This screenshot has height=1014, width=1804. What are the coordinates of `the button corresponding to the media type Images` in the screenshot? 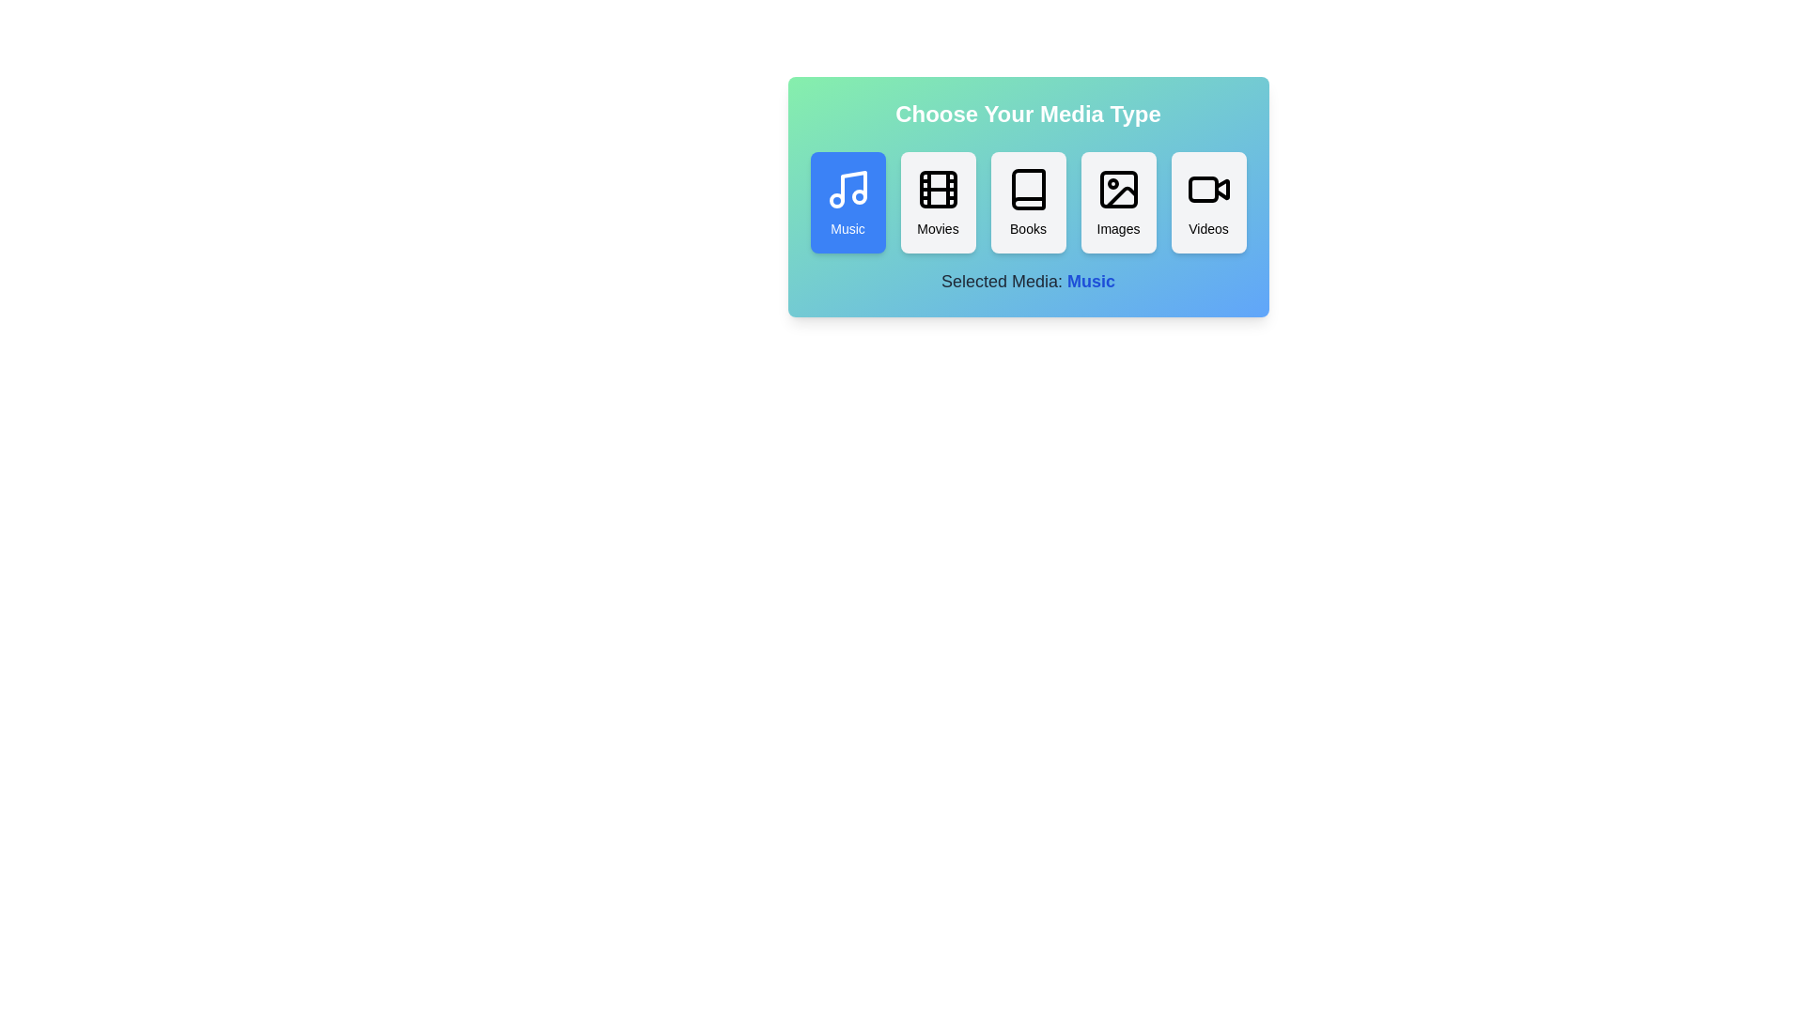 It's located at (1118, 203).